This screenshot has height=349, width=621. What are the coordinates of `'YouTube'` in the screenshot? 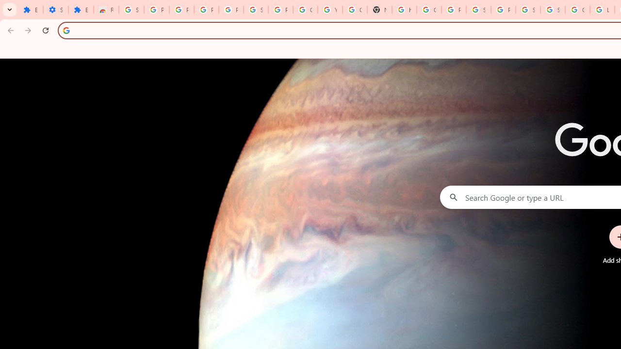 It's located at (330, 10).